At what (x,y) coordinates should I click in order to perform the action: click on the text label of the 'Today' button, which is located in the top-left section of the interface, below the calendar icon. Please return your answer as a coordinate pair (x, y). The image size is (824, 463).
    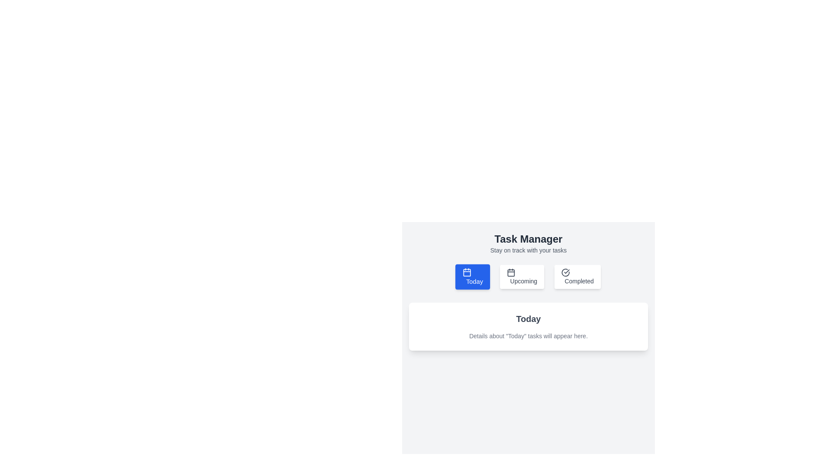
    Looking at the image, I should click on (474, 281).